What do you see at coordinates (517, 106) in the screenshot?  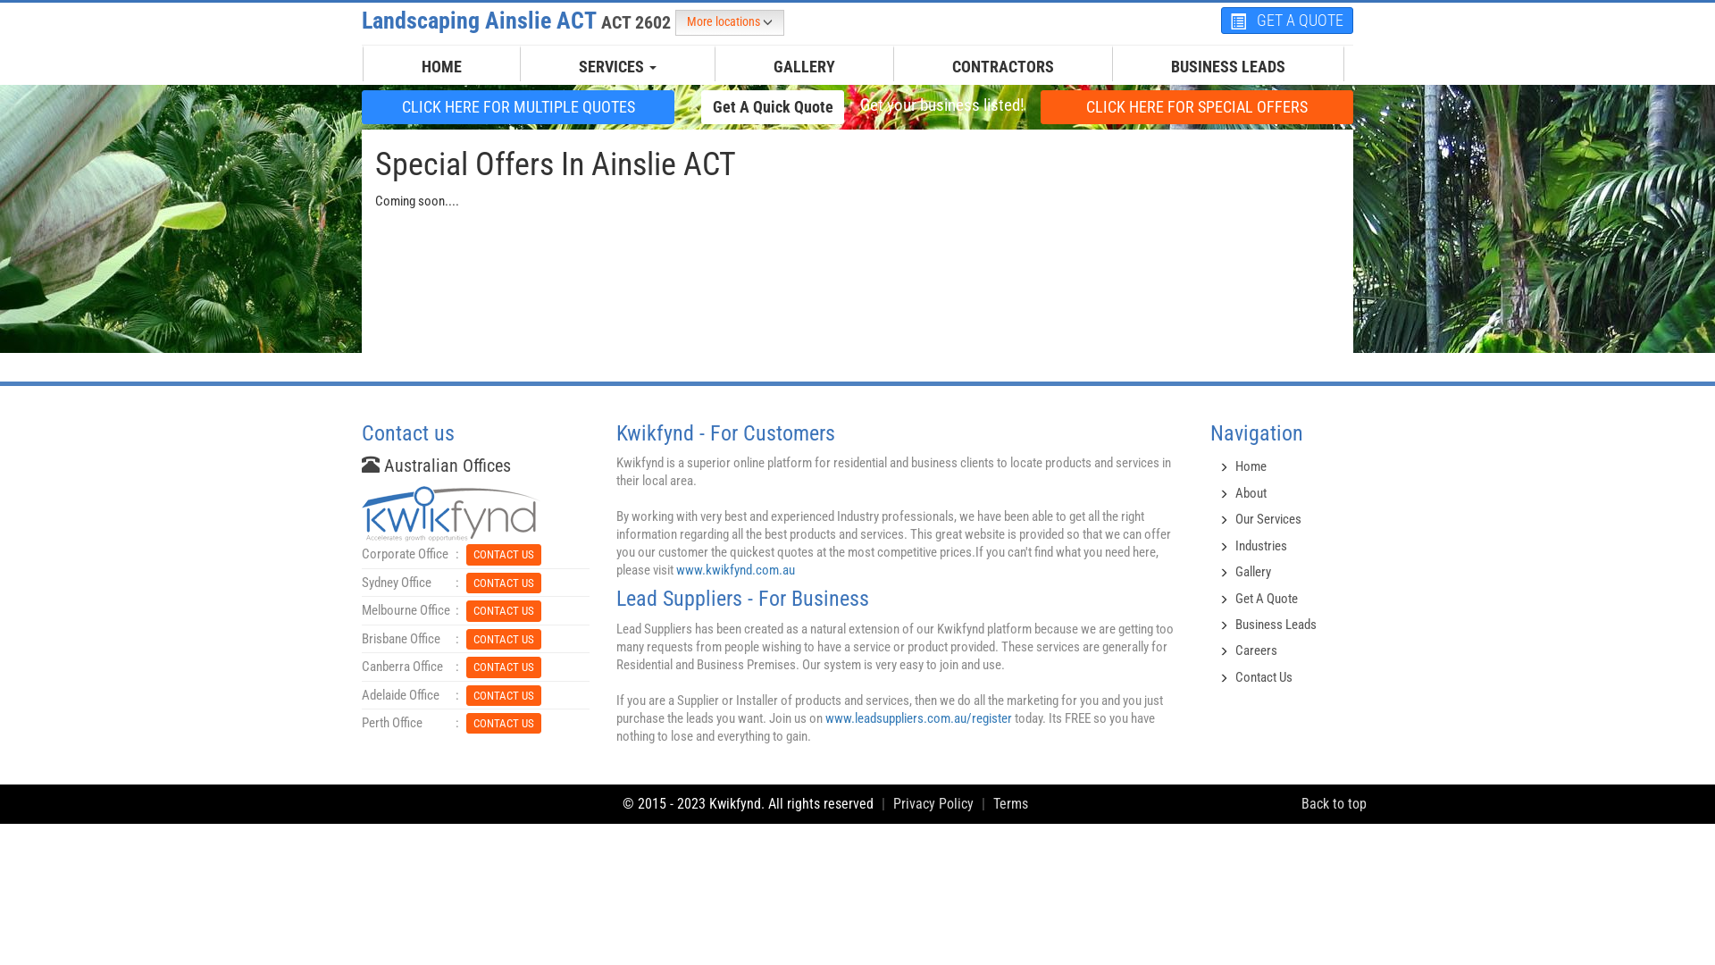 I see `'CLICK HERE FOR MULTIPLE QUOTES'` at bounding box center [517, 106].